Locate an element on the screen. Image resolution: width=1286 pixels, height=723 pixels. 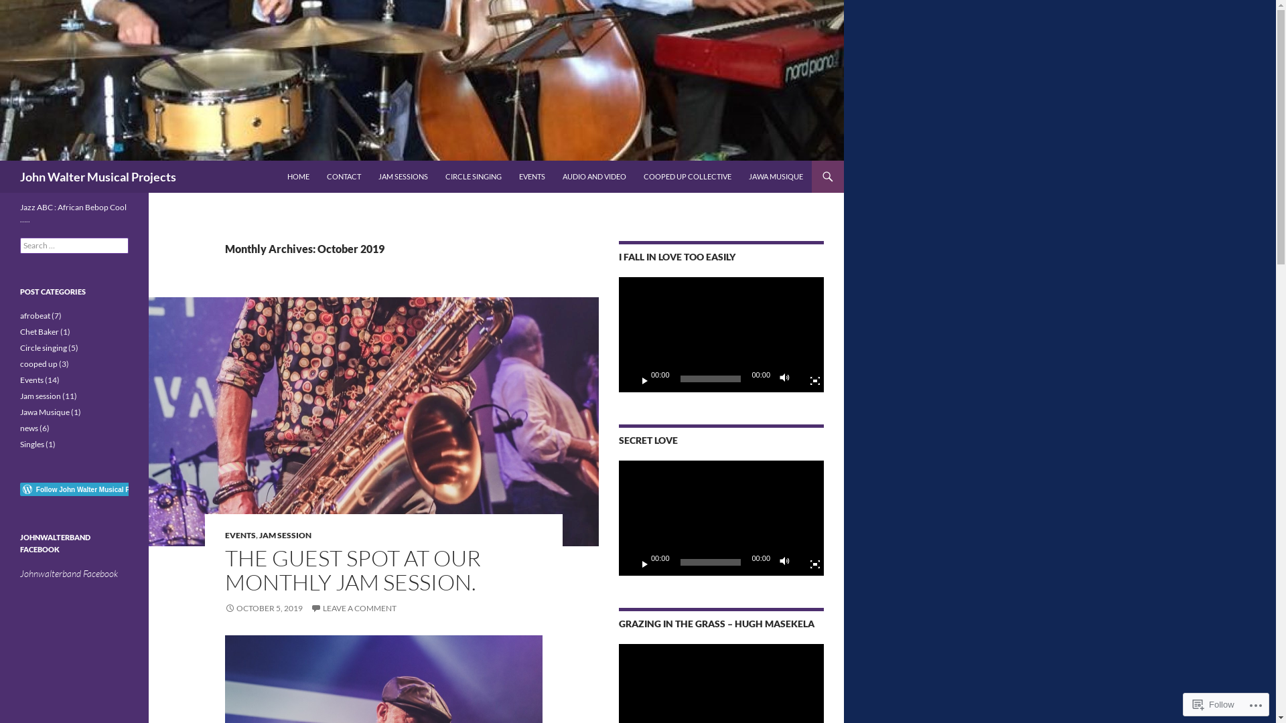
'news' is located at coordinates (29, 428).